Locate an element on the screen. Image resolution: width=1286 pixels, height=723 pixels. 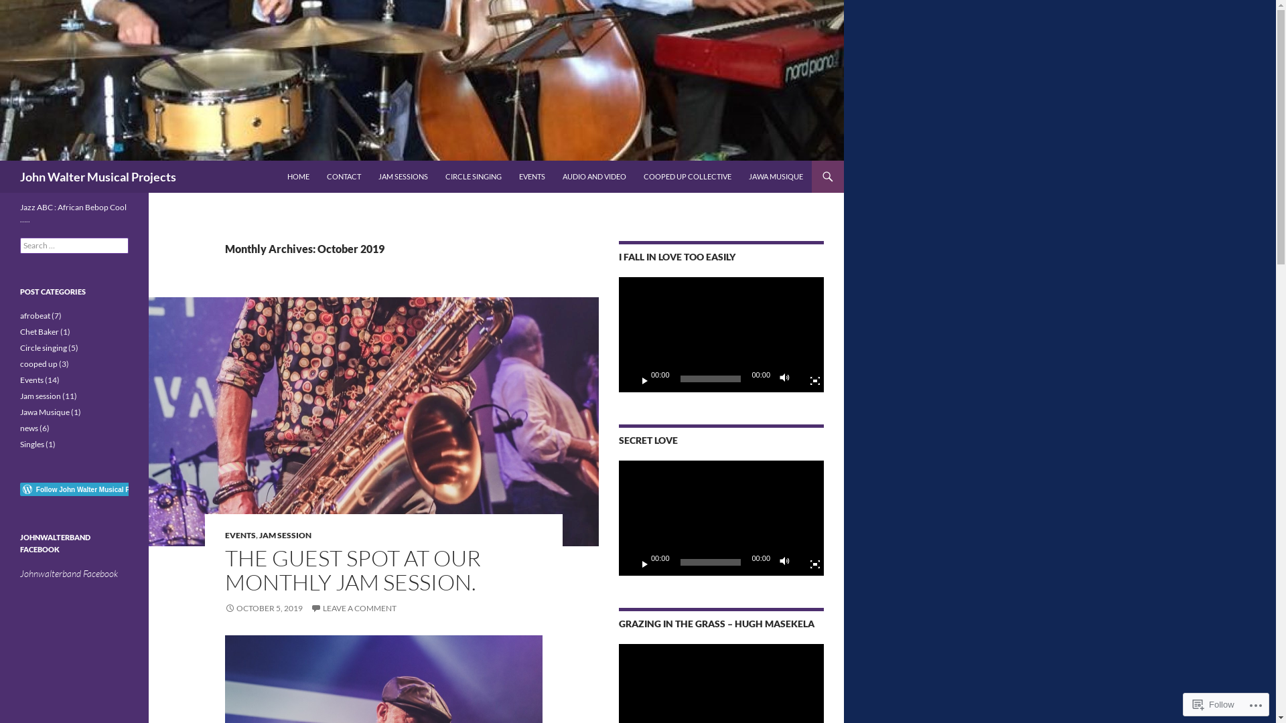
'news' is located at coordinates (29, 428).